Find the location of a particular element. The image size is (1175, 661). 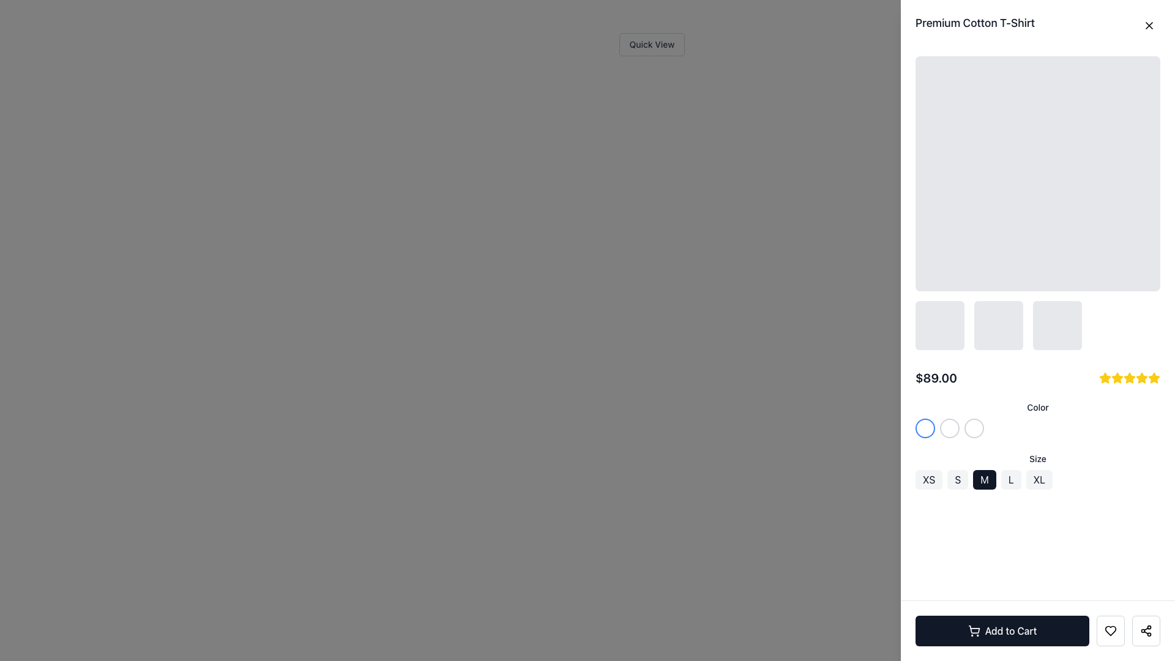

the animation of the first placeholder or loading indicator, which serves as a visual indication of loading or empty state in the product details section is located at coordinates (939, 325).